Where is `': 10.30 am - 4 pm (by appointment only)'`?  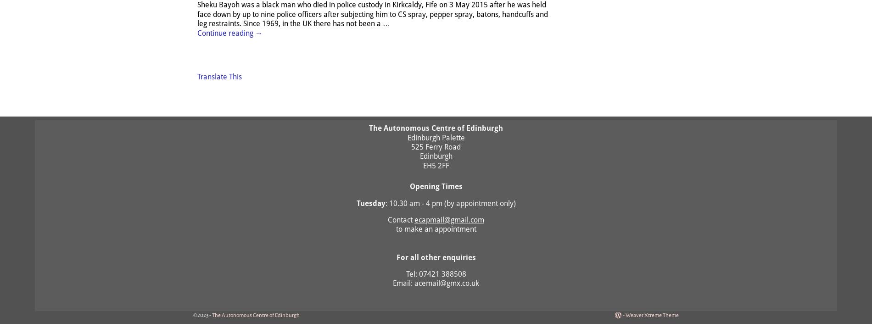
': 10.30 am - 4 pm (by appointment only)' is located at coordinates (450, 202).